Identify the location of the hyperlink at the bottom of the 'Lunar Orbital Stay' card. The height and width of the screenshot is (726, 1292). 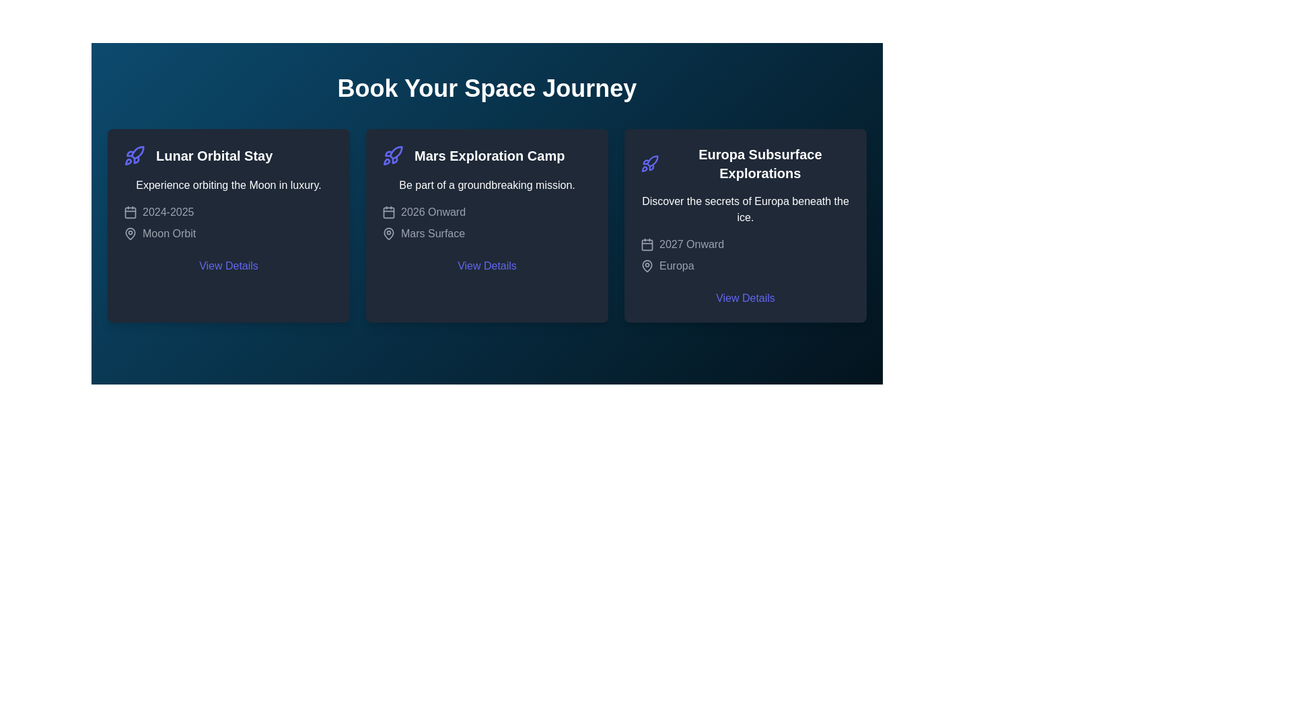
(229, 266).